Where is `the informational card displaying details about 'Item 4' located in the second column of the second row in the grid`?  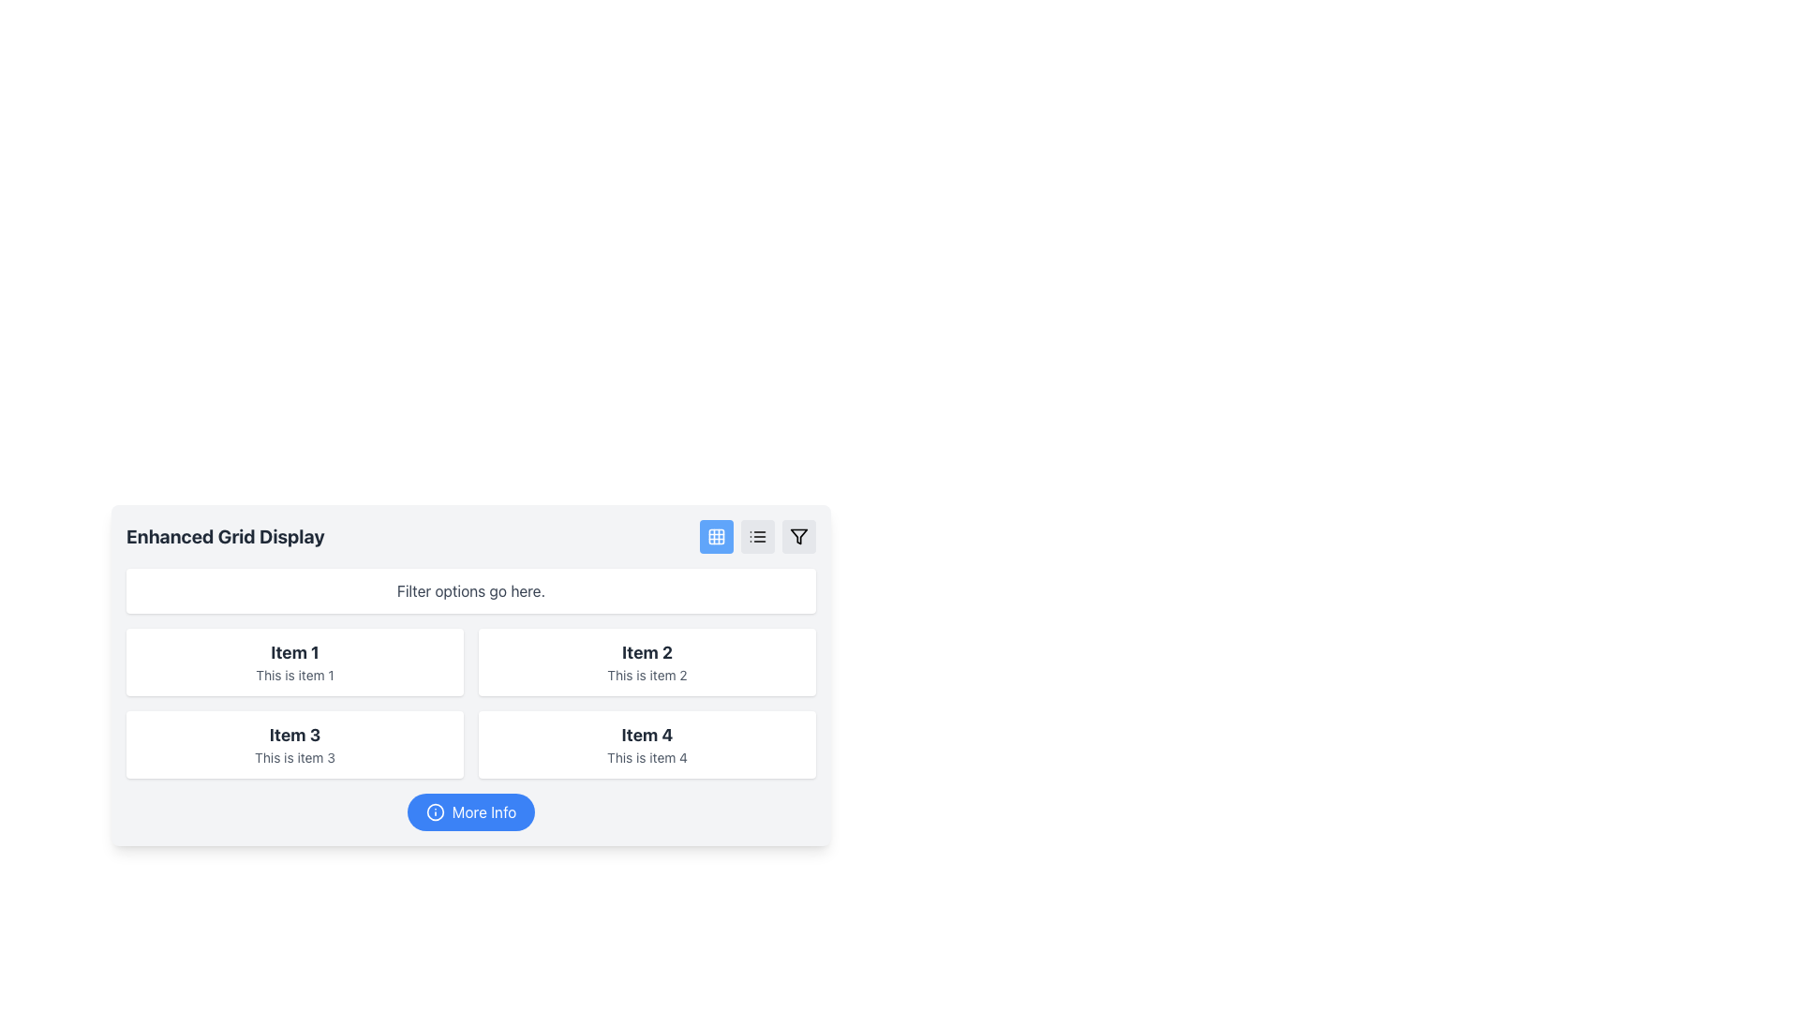 the informational card displaying details about 'Item 4' located in the second column of the second row in the grid is located at coordinates (647, 743).